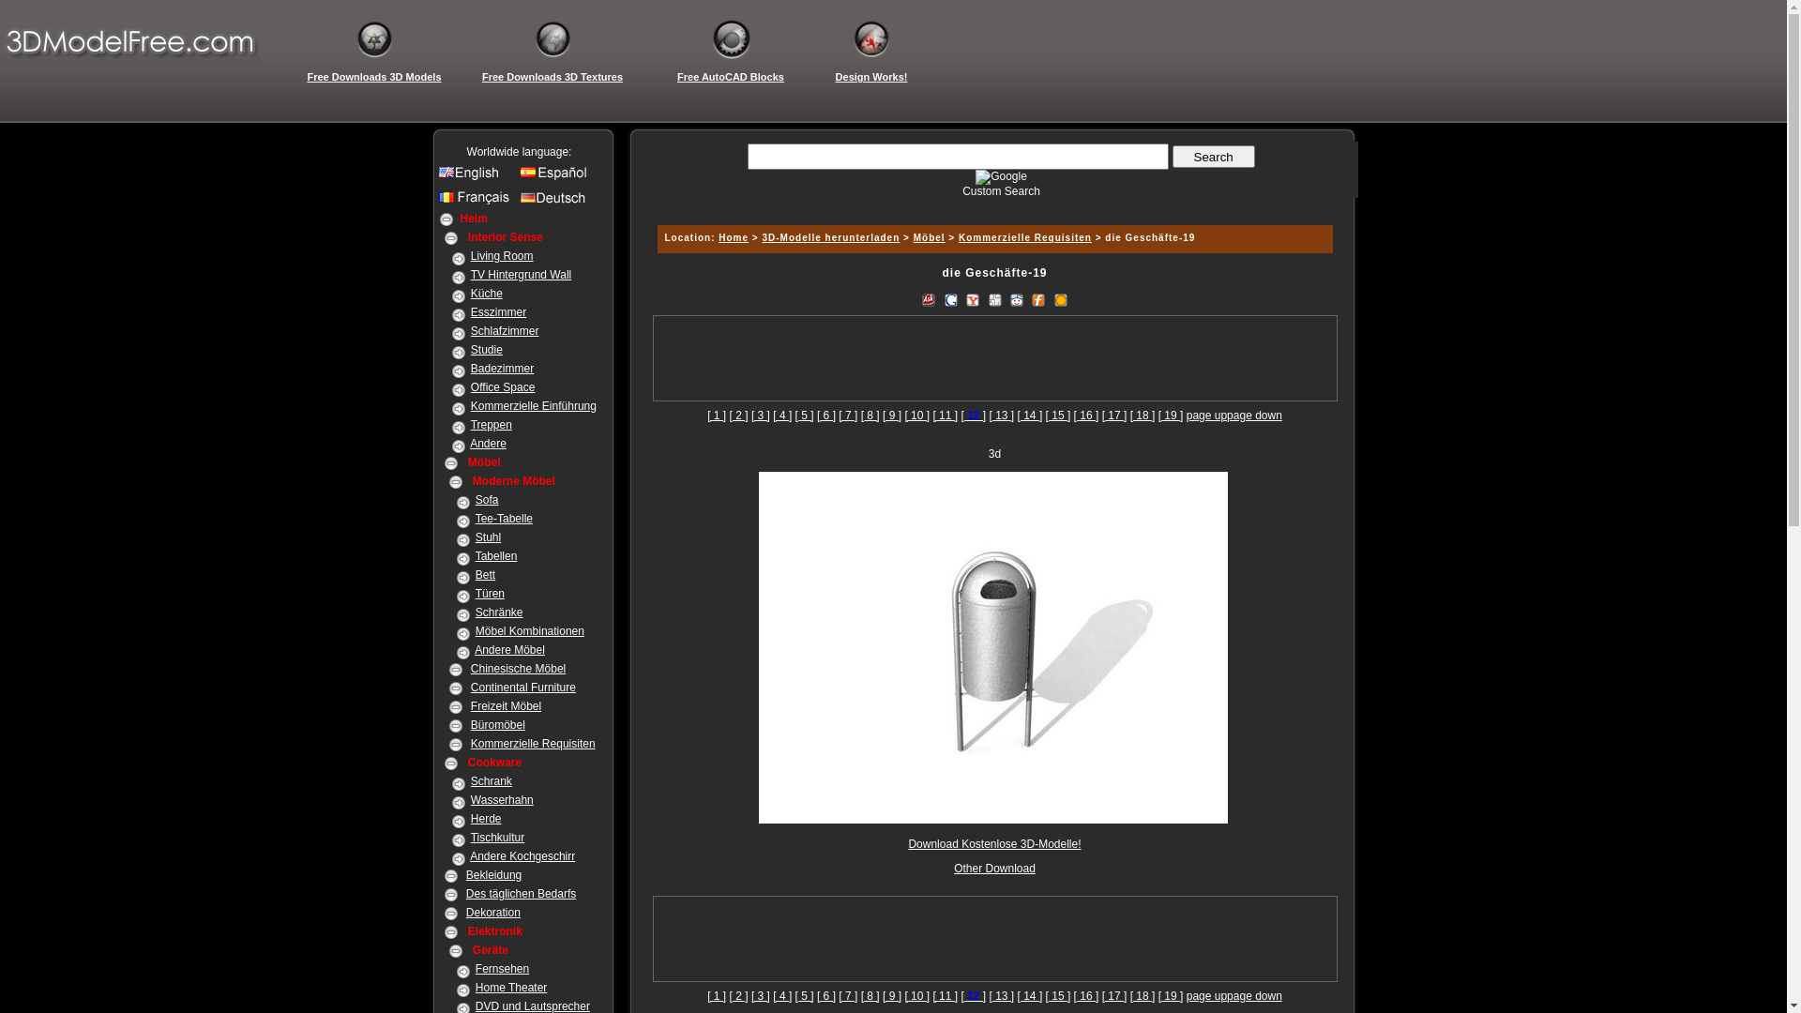 This screenshot has width=1801, height=1013. I want to click on 'Kommerzielle Requisiten', so click(959, 236).